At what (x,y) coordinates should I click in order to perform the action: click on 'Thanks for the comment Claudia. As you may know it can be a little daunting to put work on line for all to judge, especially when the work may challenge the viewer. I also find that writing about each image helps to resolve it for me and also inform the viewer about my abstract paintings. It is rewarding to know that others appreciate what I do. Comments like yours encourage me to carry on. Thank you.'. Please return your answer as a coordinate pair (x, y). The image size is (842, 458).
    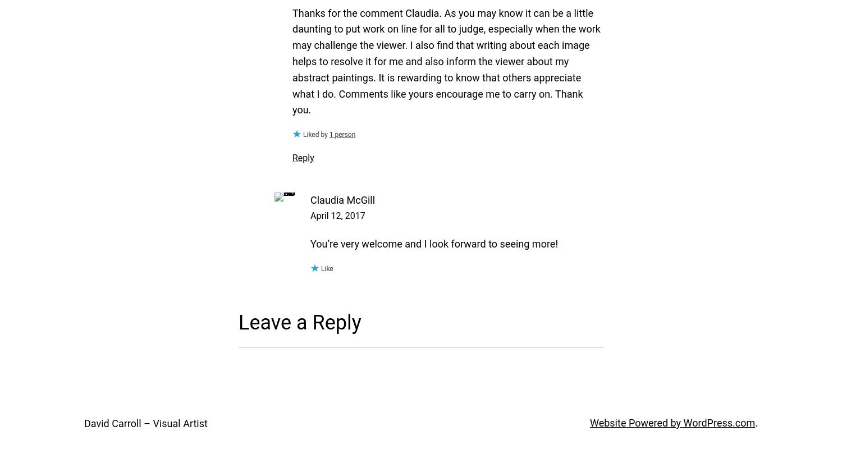
    Looking at the image, I should click on (446, 61).